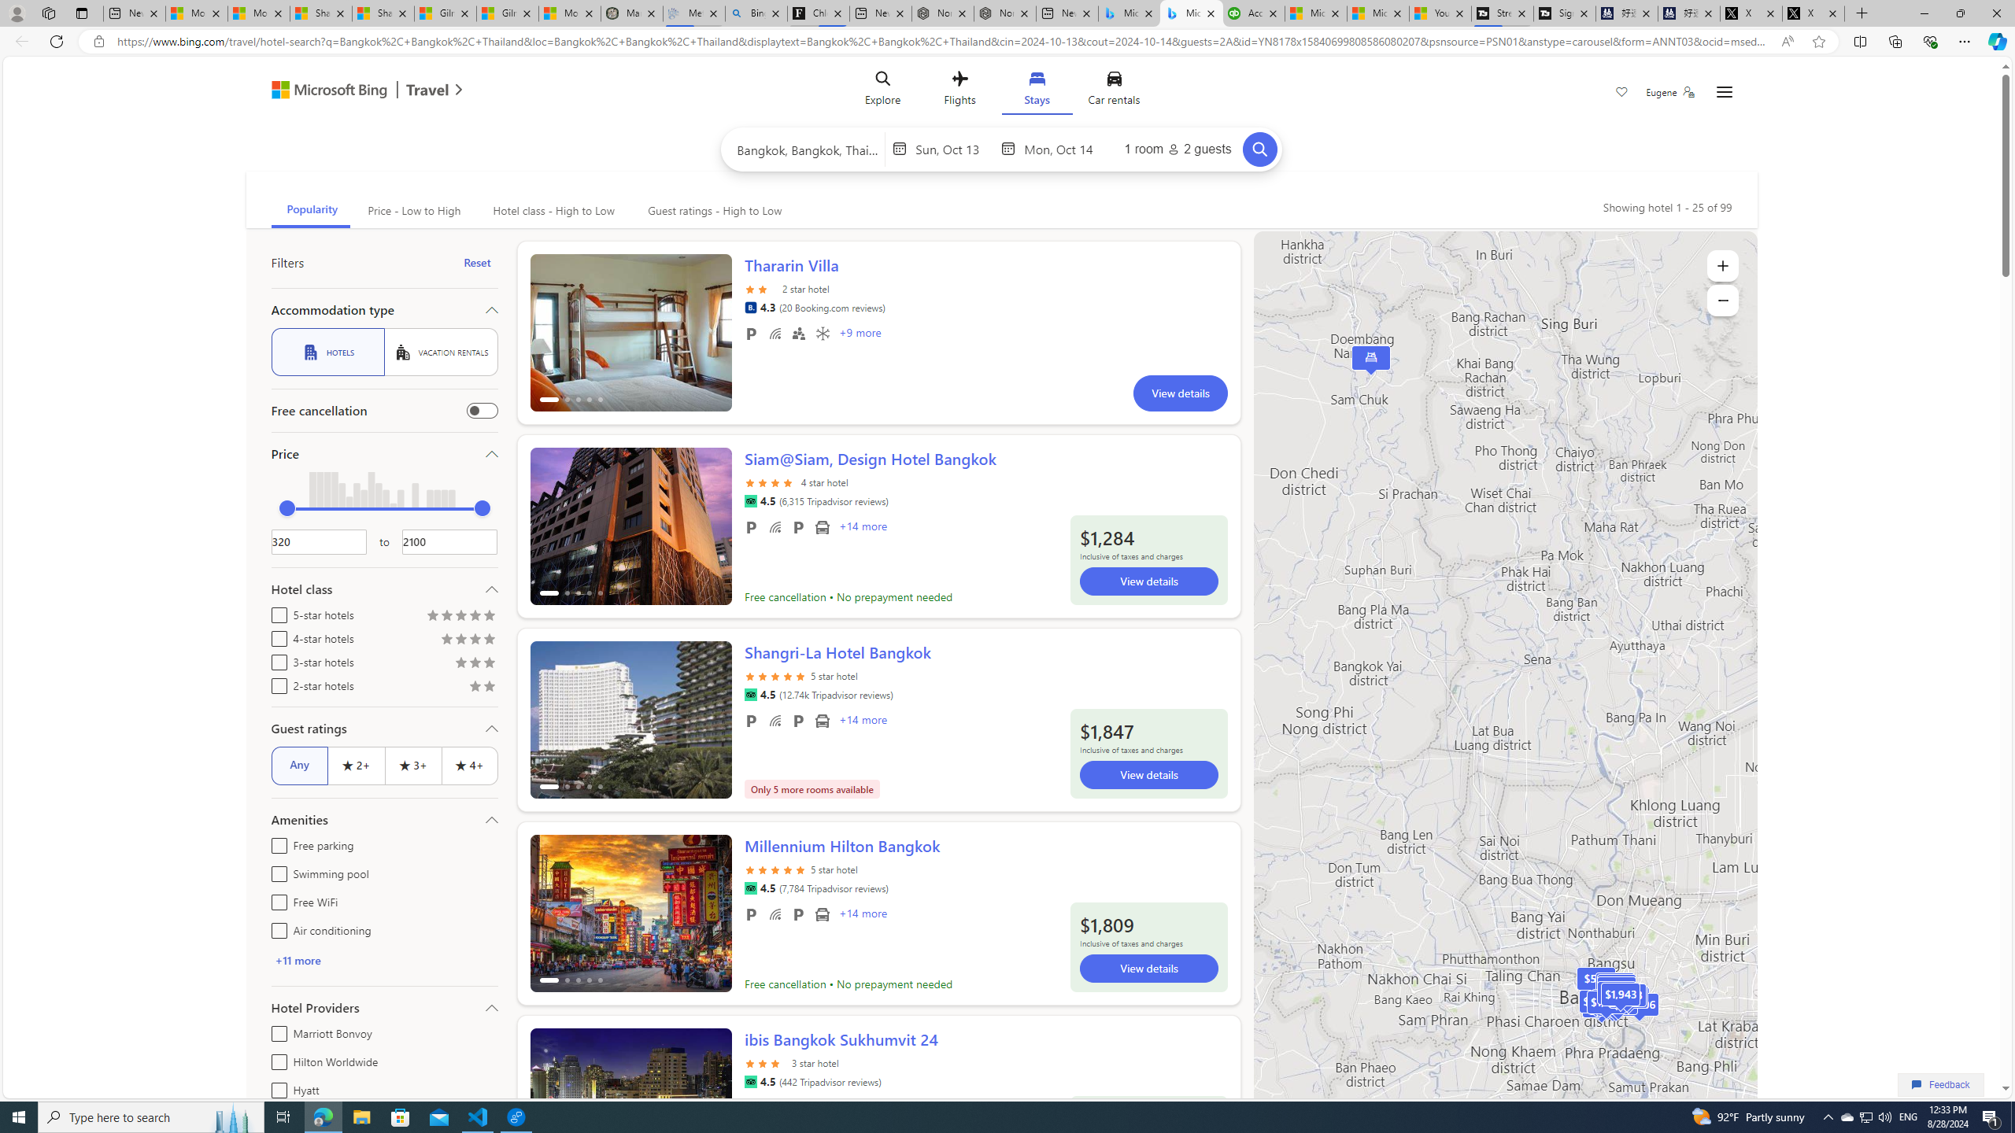 This screenshot has height=1133, width=2015. Describe the element at coordinates (818, 13) in the screenshot. I see `'Chloe Sorvino'` at that location.